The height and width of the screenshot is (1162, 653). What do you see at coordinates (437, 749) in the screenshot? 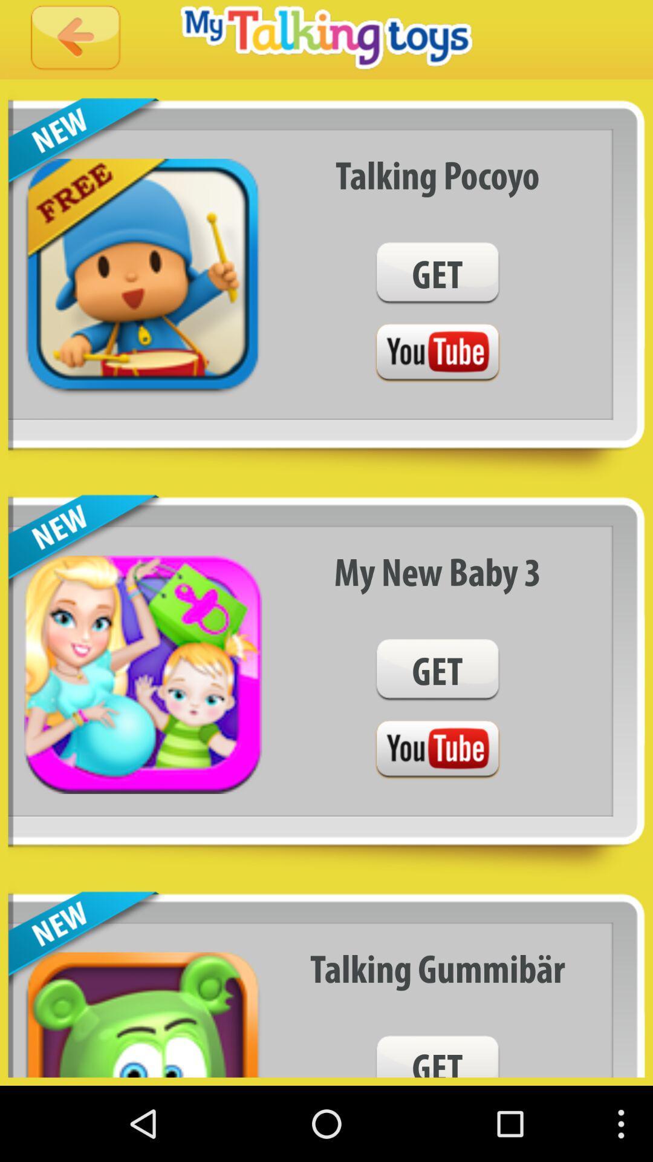
I see `you tube` at bounding box center [437, 749].